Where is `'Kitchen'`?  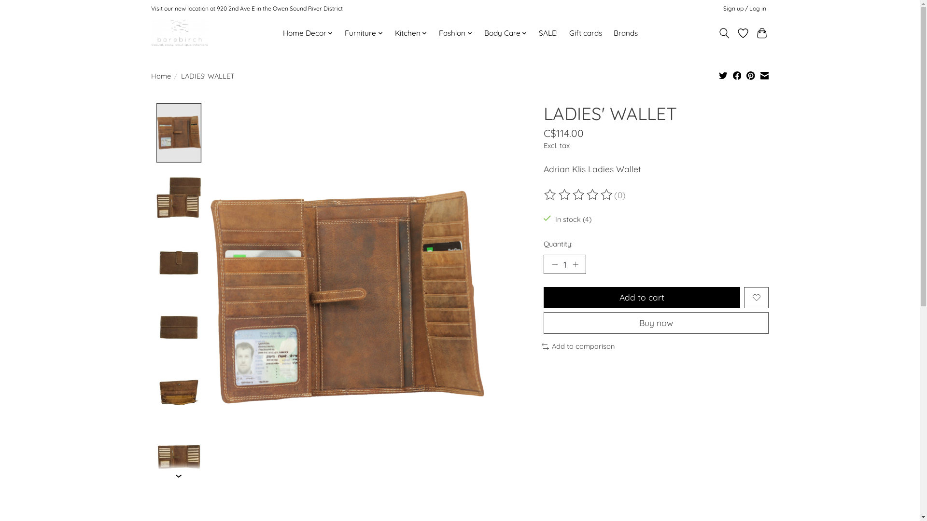 'Kitchen' is located at coordinates (411, 32).